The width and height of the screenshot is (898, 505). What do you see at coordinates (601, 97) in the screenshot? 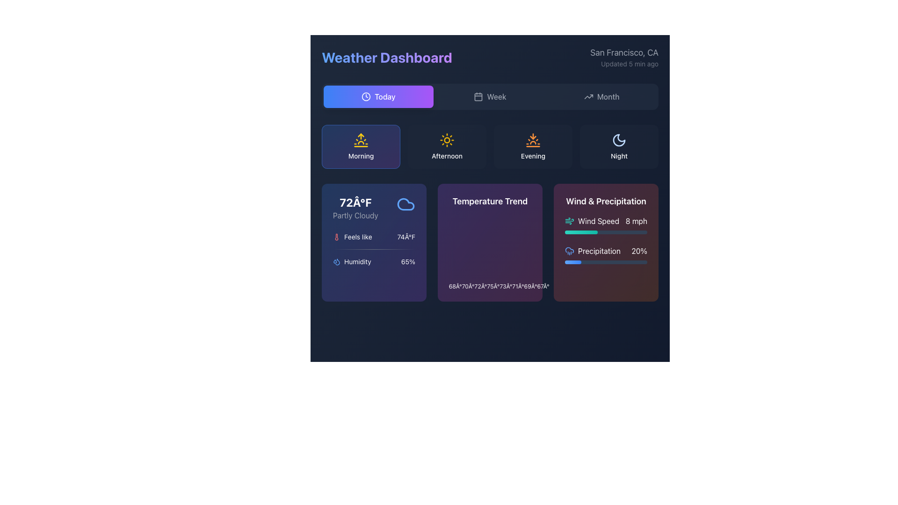
I see `the 'Month' button, which features an upward trending graph icon and is the third option among the navigational buttons labeled 'Today', 'Week', and 'Month'` at bounding box center [601, 97].